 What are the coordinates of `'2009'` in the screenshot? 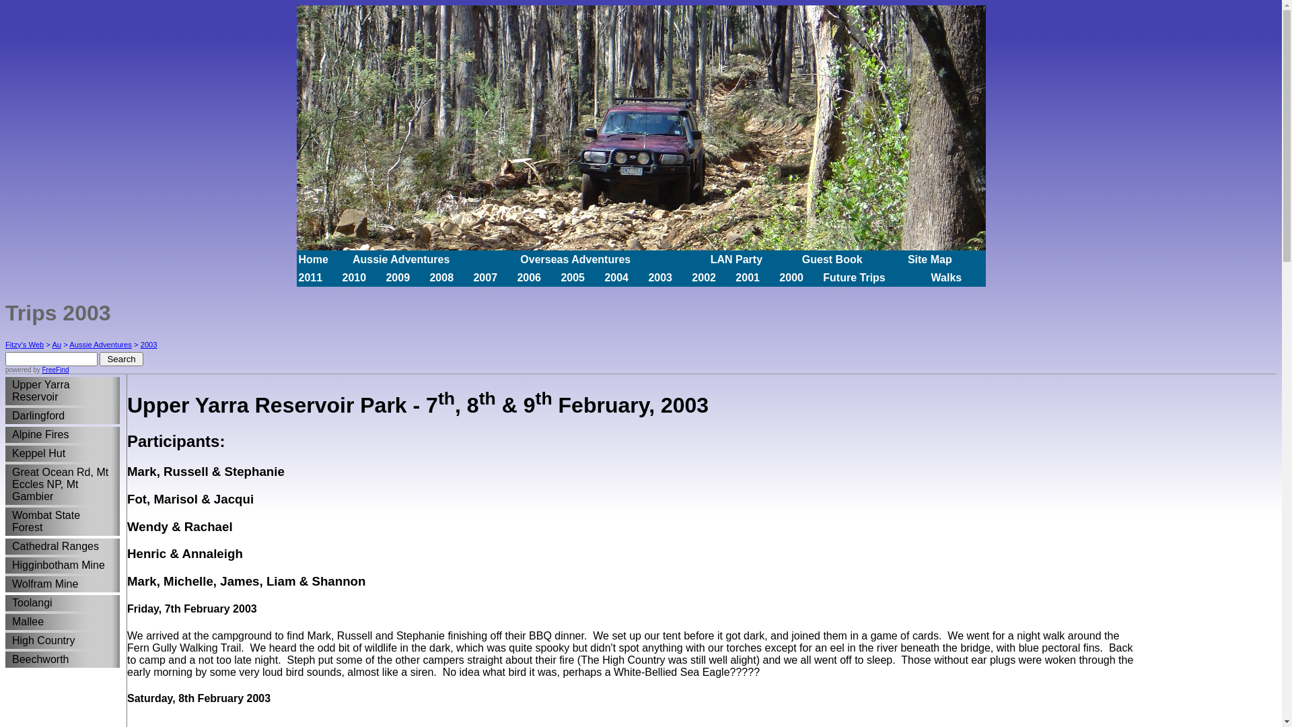 It's located at (396, 277).